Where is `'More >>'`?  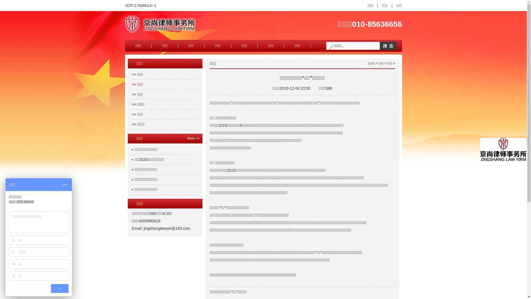 'More >>' is located at coordinates (189, 138).